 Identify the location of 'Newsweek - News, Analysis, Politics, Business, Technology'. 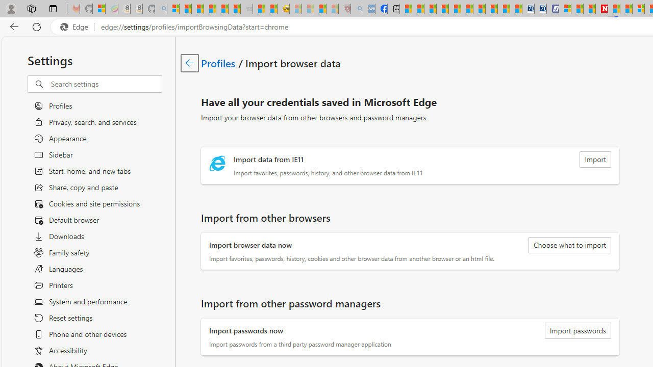
(601, 9).